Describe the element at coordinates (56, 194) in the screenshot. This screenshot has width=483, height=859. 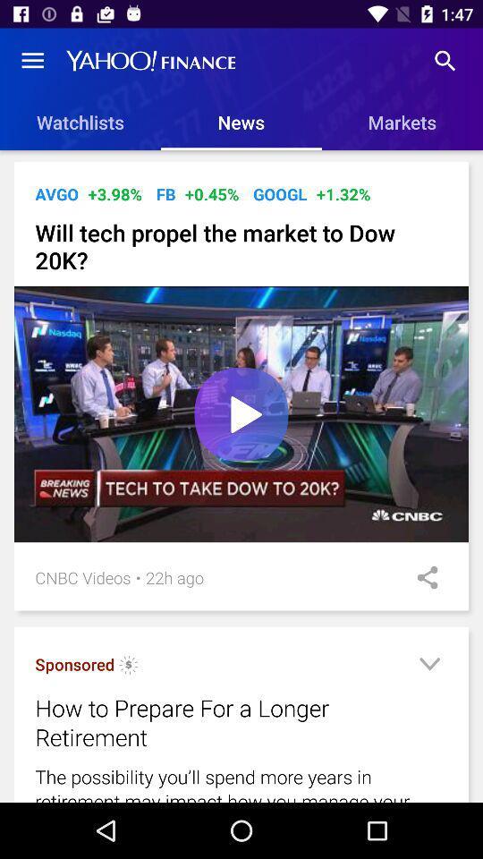
I see `the avgo` at that location.